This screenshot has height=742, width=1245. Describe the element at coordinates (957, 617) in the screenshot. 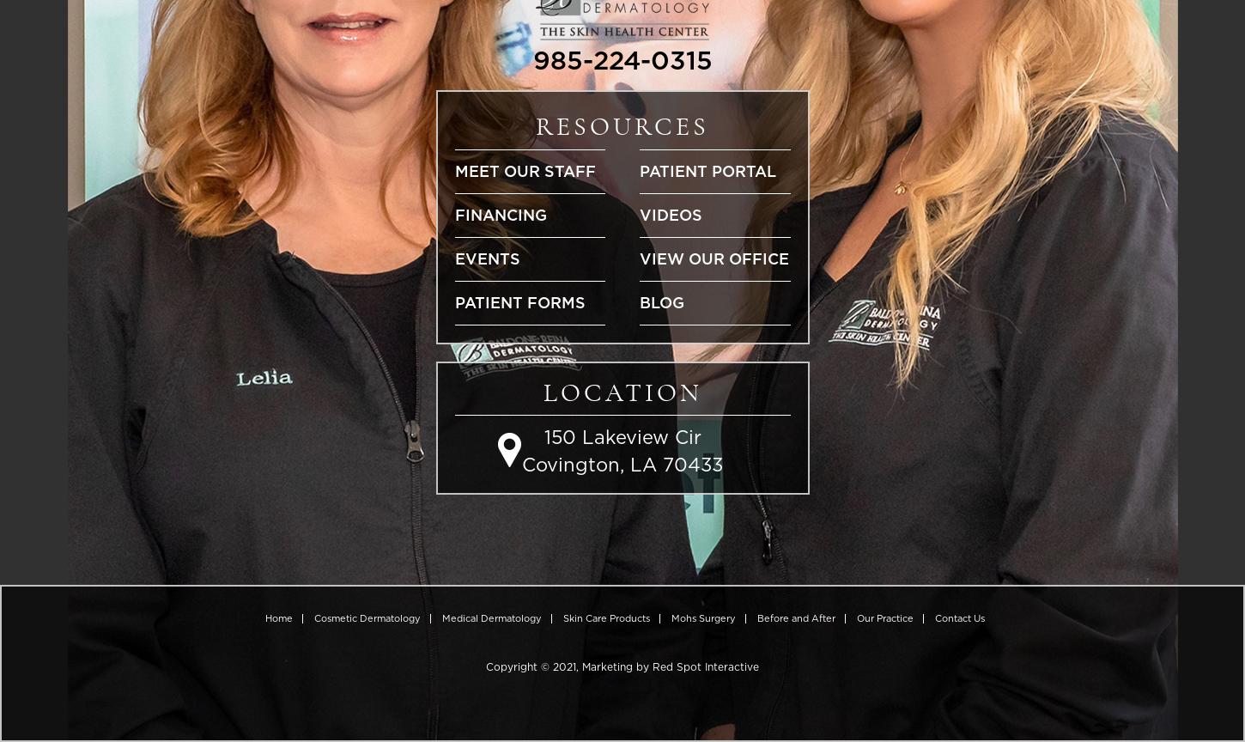

I see `'Contact Us'` at that location.